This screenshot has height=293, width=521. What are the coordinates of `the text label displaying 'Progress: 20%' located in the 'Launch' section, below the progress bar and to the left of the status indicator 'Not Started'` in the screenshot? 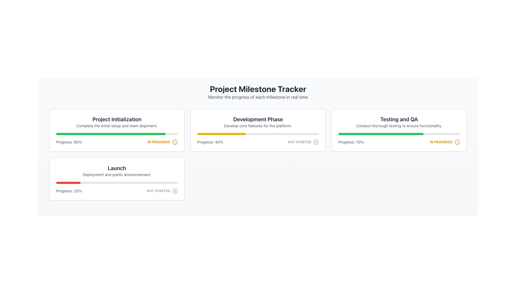 It's located at (69, 191).